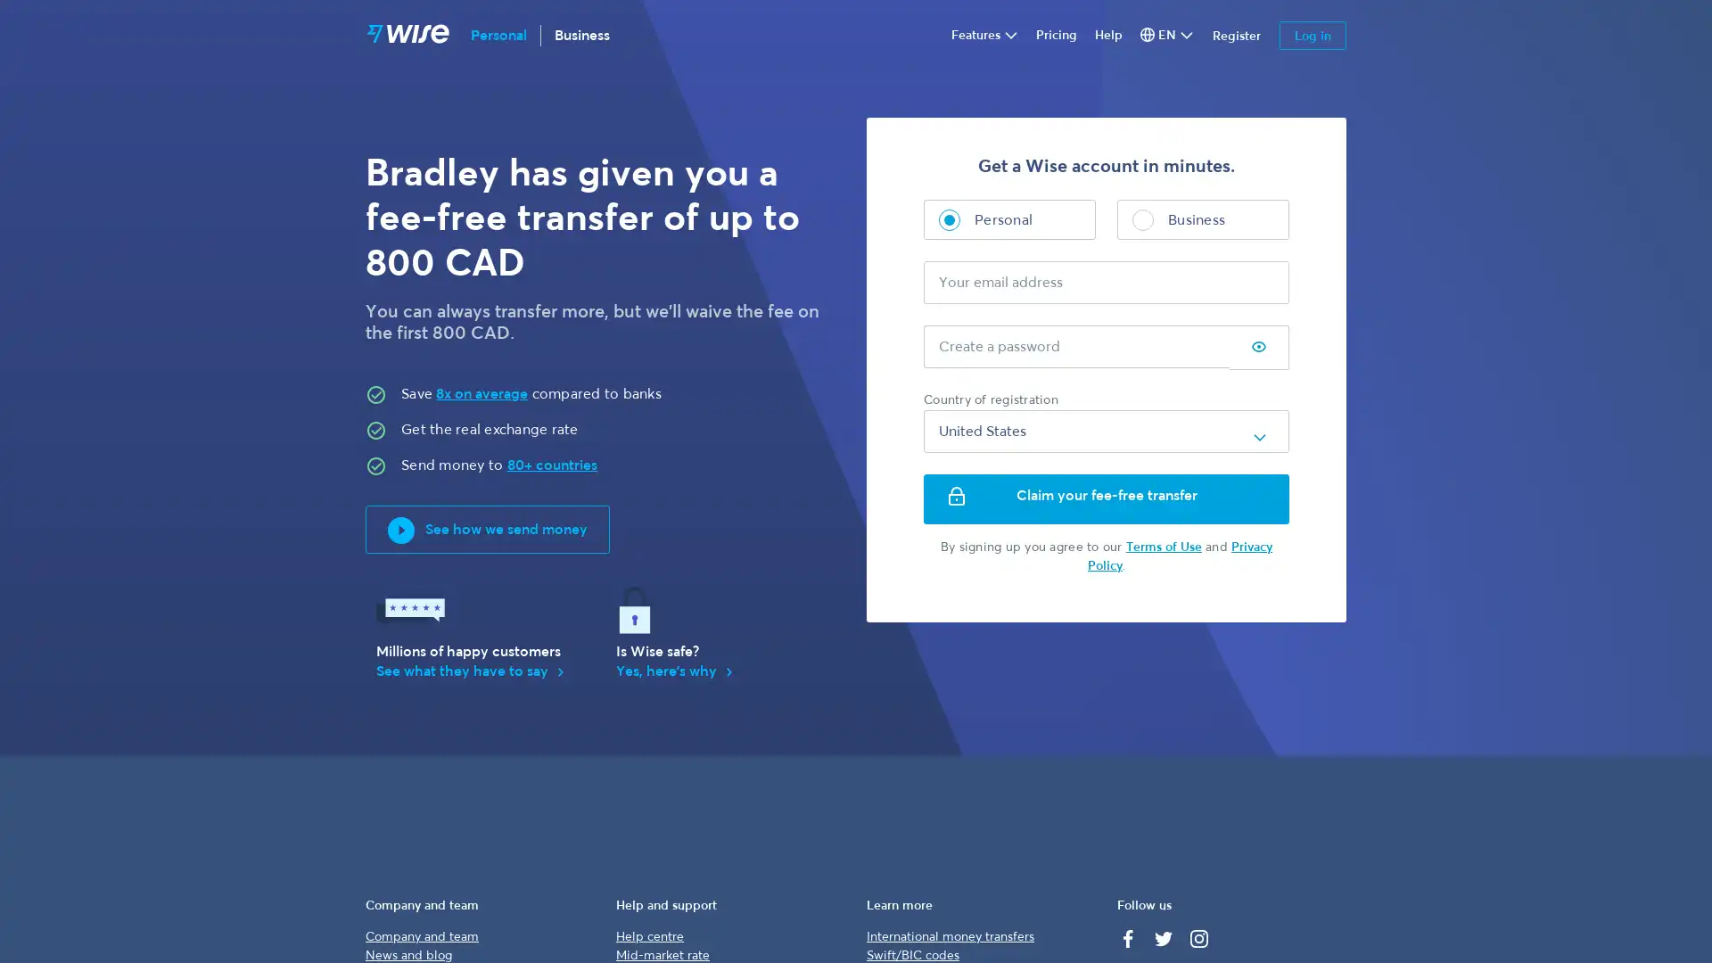  Describe the element at coordinates (1257, 348) in the screenshot. I see `Show password` at that location.